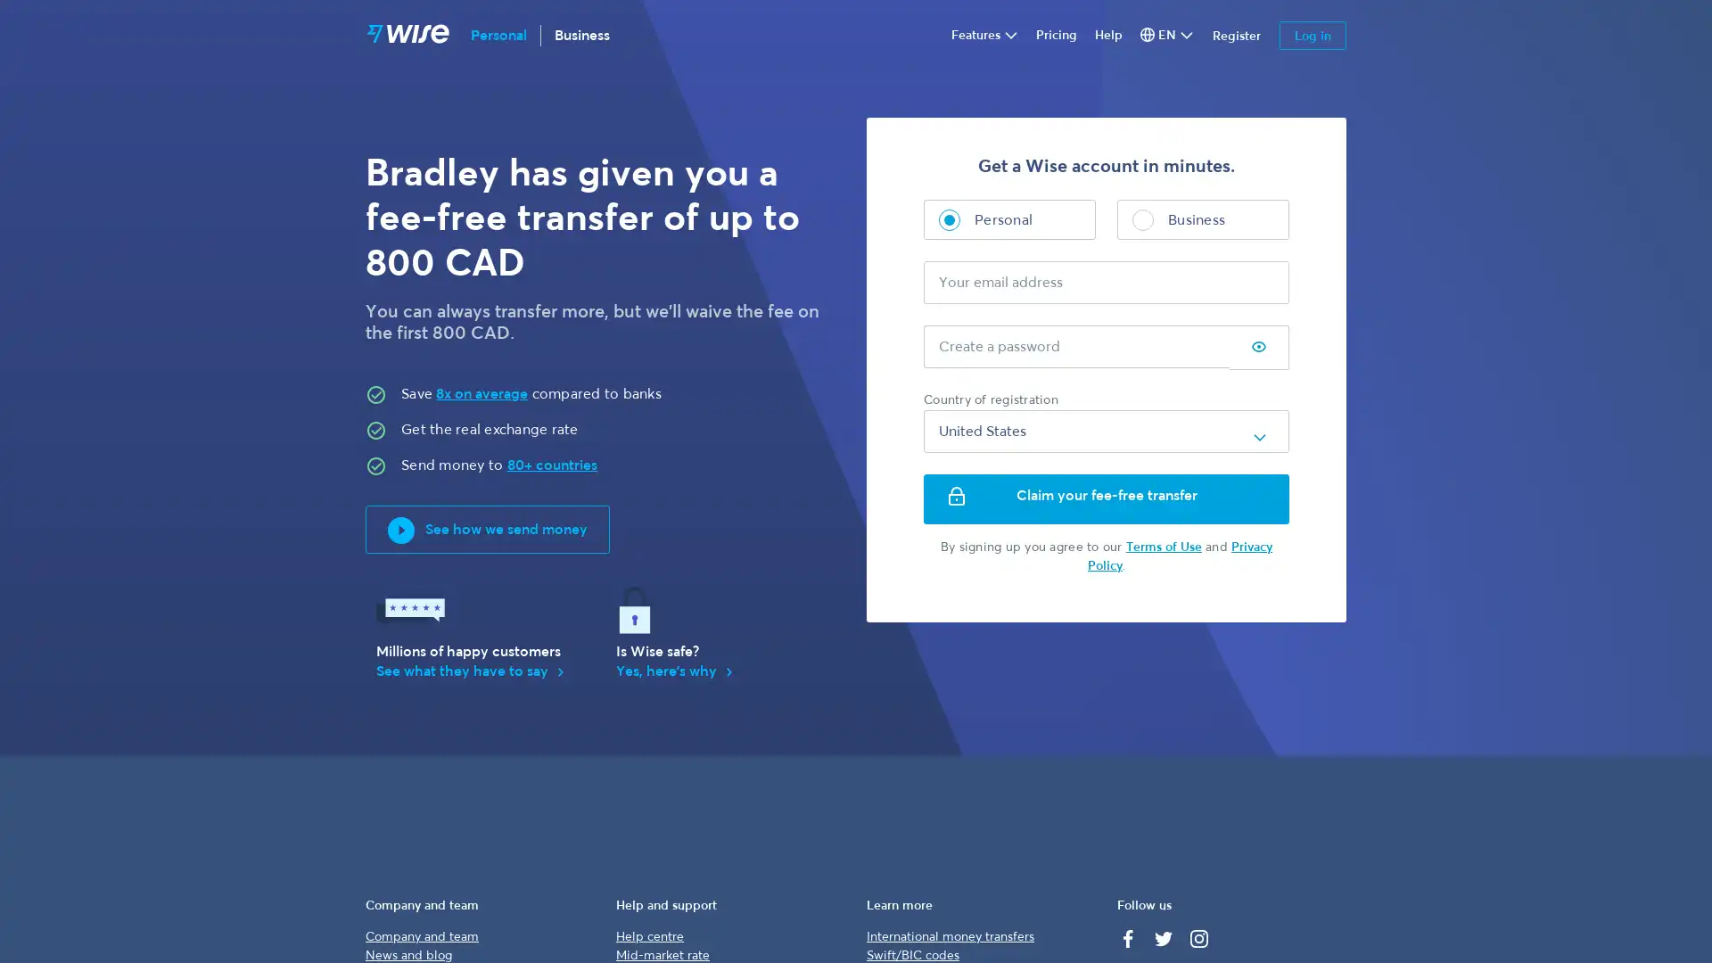  Describe the element at coordinates (1257, 348) in the screenshot. I see `Show password` at that location.